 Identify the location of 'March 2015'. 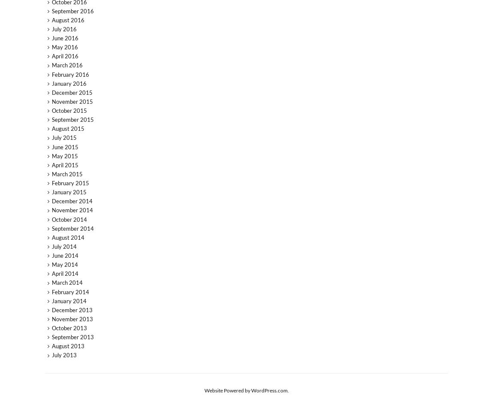
(51, 174).